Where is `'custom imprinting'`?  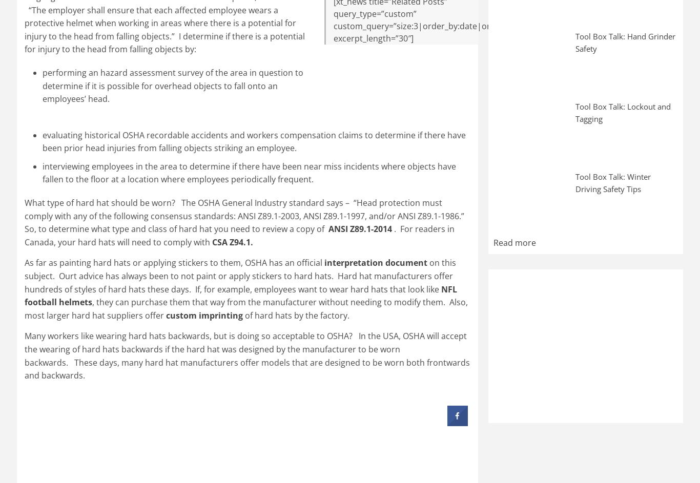 'custom imprinting' is located at coordinates (204, 314).